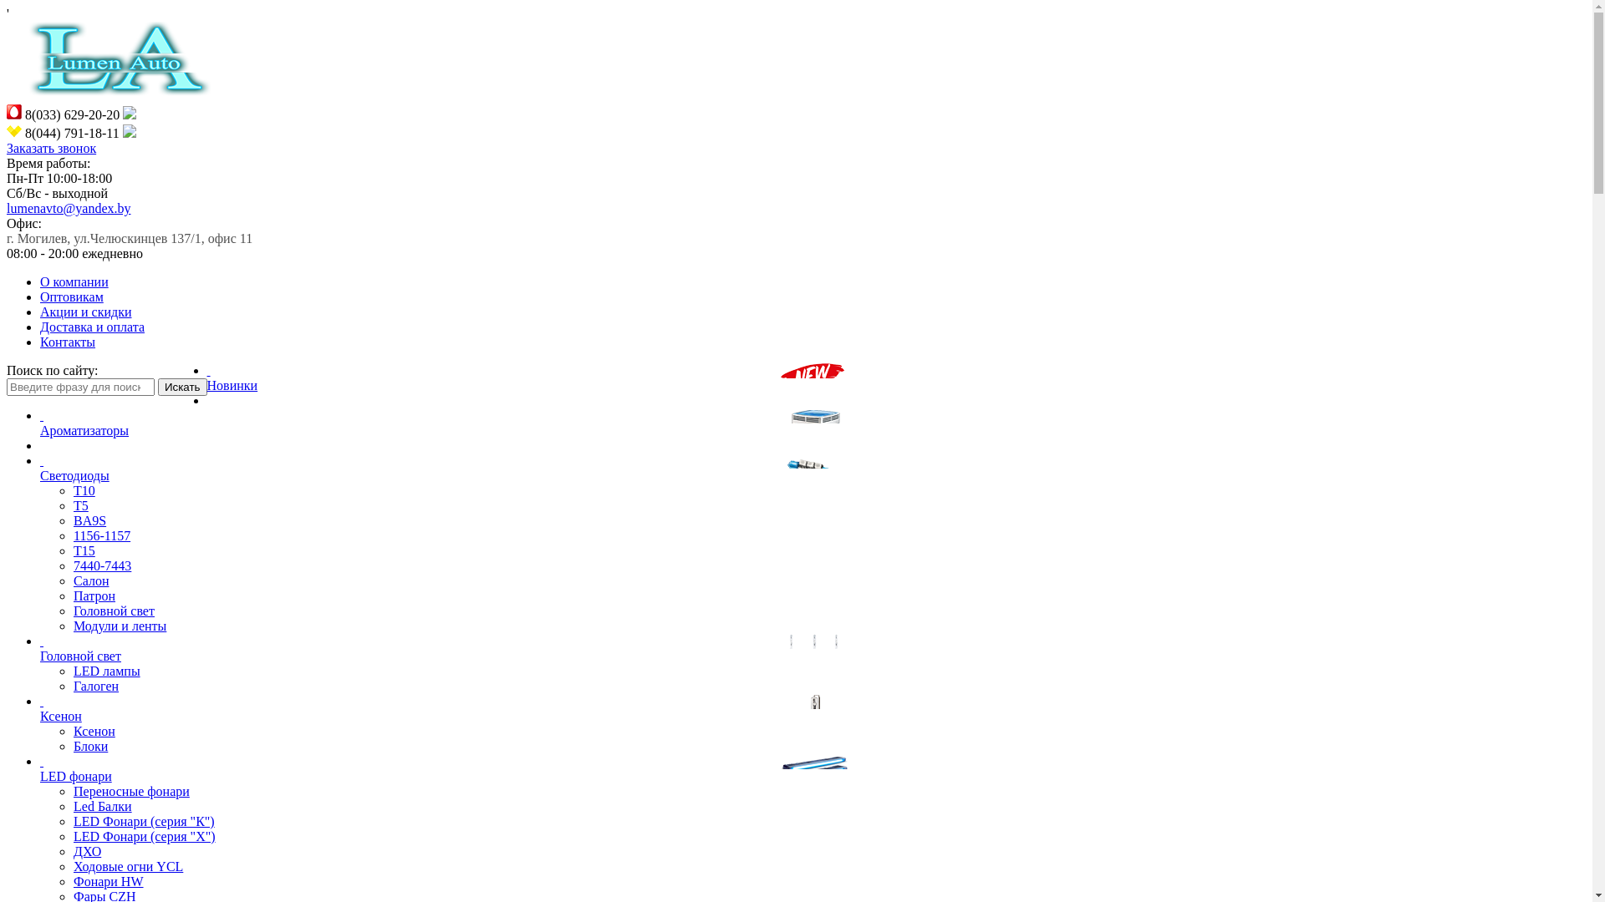 This screenshot has width=1605, height=902. I want to click on '1156-1157', so click(100, 535).